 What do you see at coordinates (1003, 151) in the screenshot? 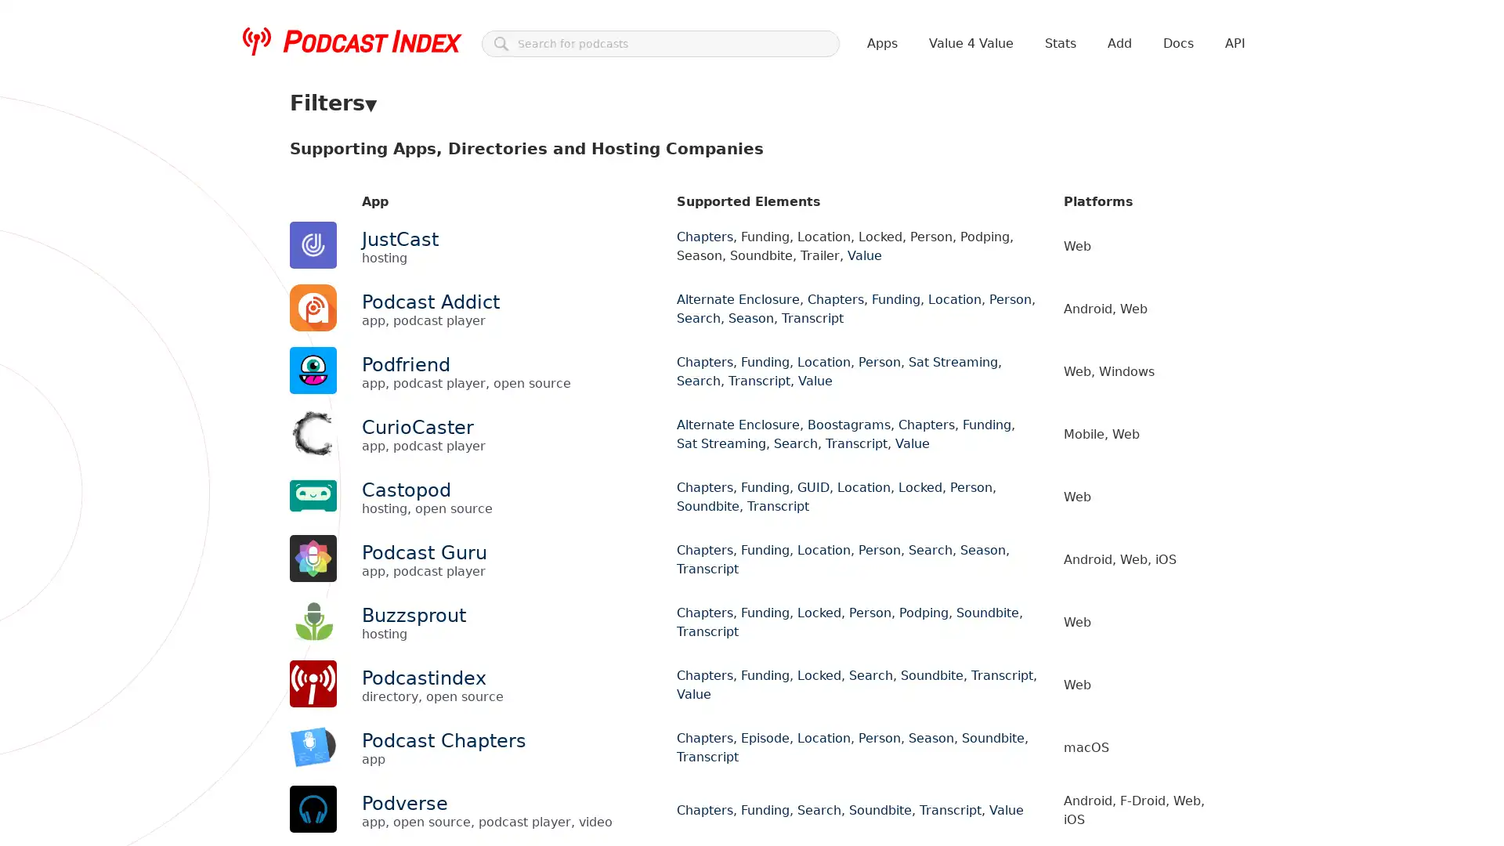
I see `Podcasting Player` at bounding box center [1003, 151].